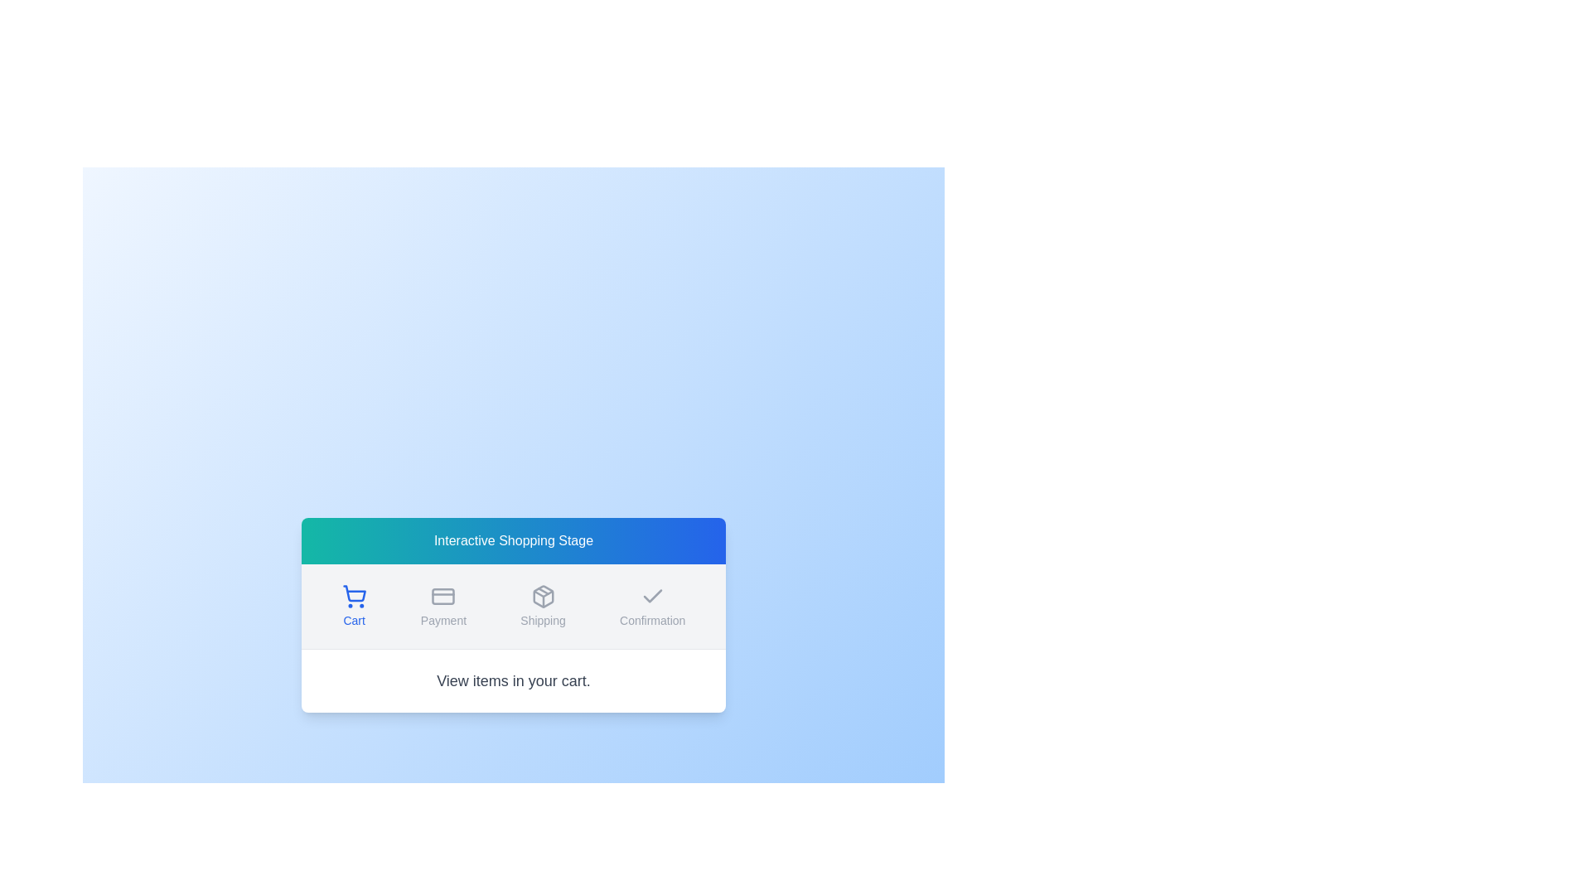 This screenshot has width=1591, height=895. I want to click on the 'Shipping' step icon in the navigational process to understand the current phase related to shipping details, so click(543, 595).